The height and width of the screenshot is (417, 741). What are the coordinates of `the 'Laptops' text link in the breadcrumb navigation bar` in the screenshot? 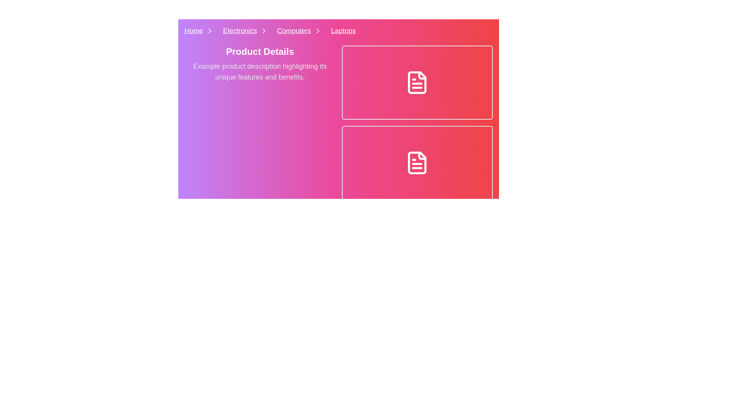 It's located at (343, 31).